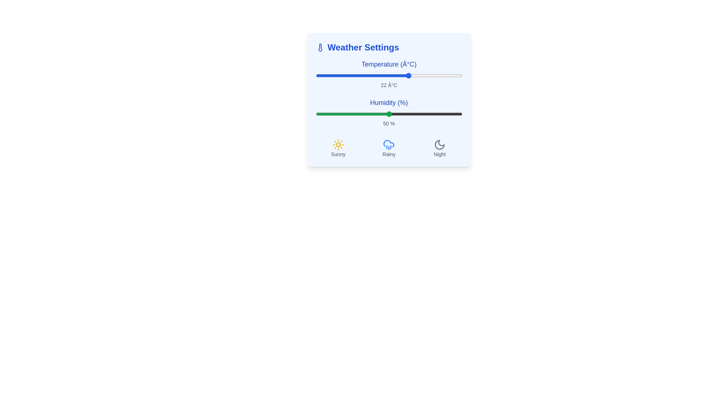 The image size is (703, 395). Describe the element at coordinates (424, 114) in the screenshot. I see `the humidity` at that location.